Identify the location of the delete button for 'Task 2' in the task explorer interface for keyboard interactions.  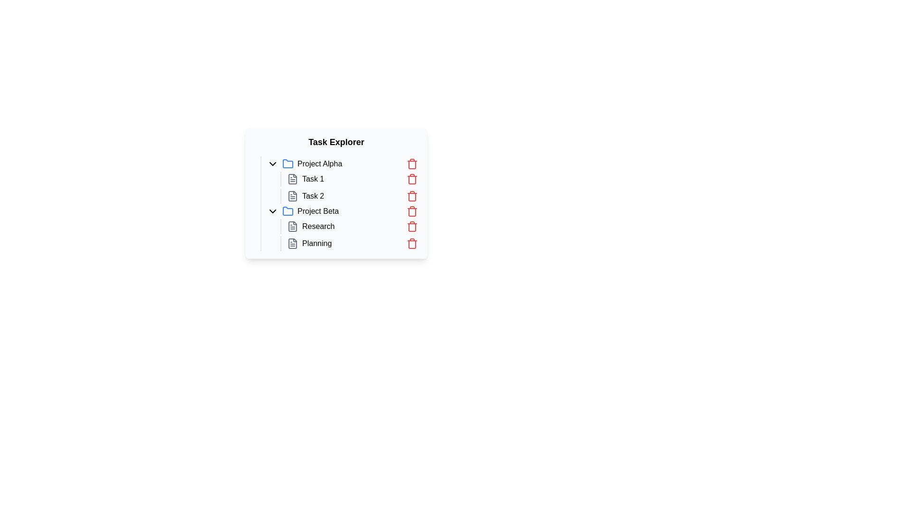
(412, 195).